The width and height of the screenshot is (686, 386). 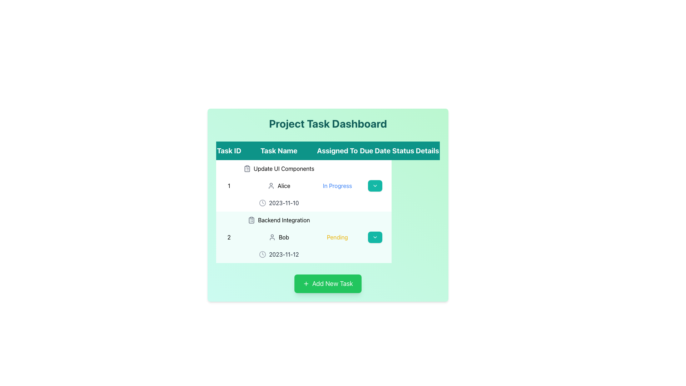 What do you see at coordinates (283, 185) in the screenshot?
I see `the Text Label that identifies the user assigned to the task in the first row of the table, located in the 'Assigned To' column` at bounding box center [283, 185].